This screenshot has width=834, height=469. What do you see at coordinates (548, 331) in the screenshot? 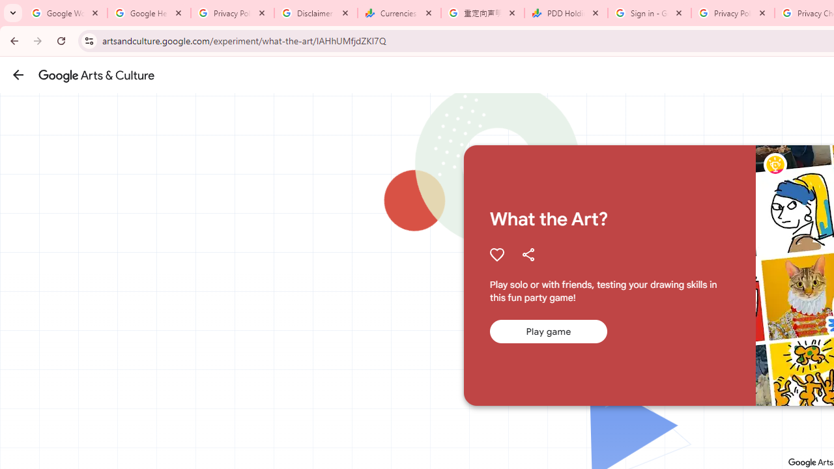
I see `'Play game'` at bounding box center [548, 331].